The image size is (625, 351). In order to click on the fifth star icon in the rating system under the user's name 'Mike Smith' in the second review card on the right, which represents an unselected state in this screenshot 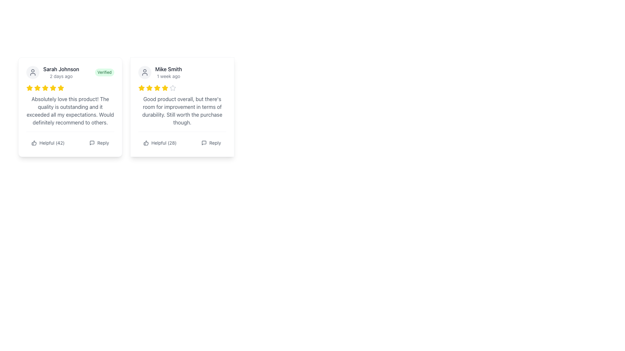, I will do `click(173, 88)`.